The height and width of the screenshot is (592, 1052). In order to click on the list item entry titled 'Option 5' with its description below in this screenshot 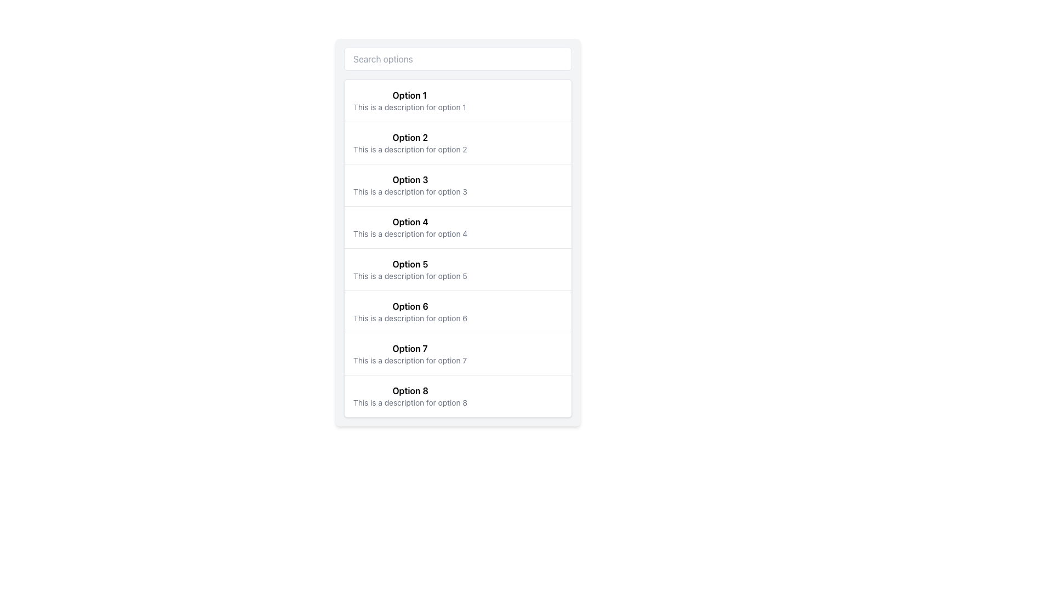, I will do `click(409, 270)`.